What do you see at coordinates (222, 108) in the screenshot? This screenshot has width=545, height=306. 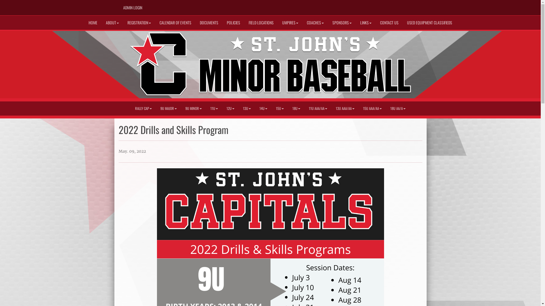 I see `'12U'` at bounding box center [222, 108].